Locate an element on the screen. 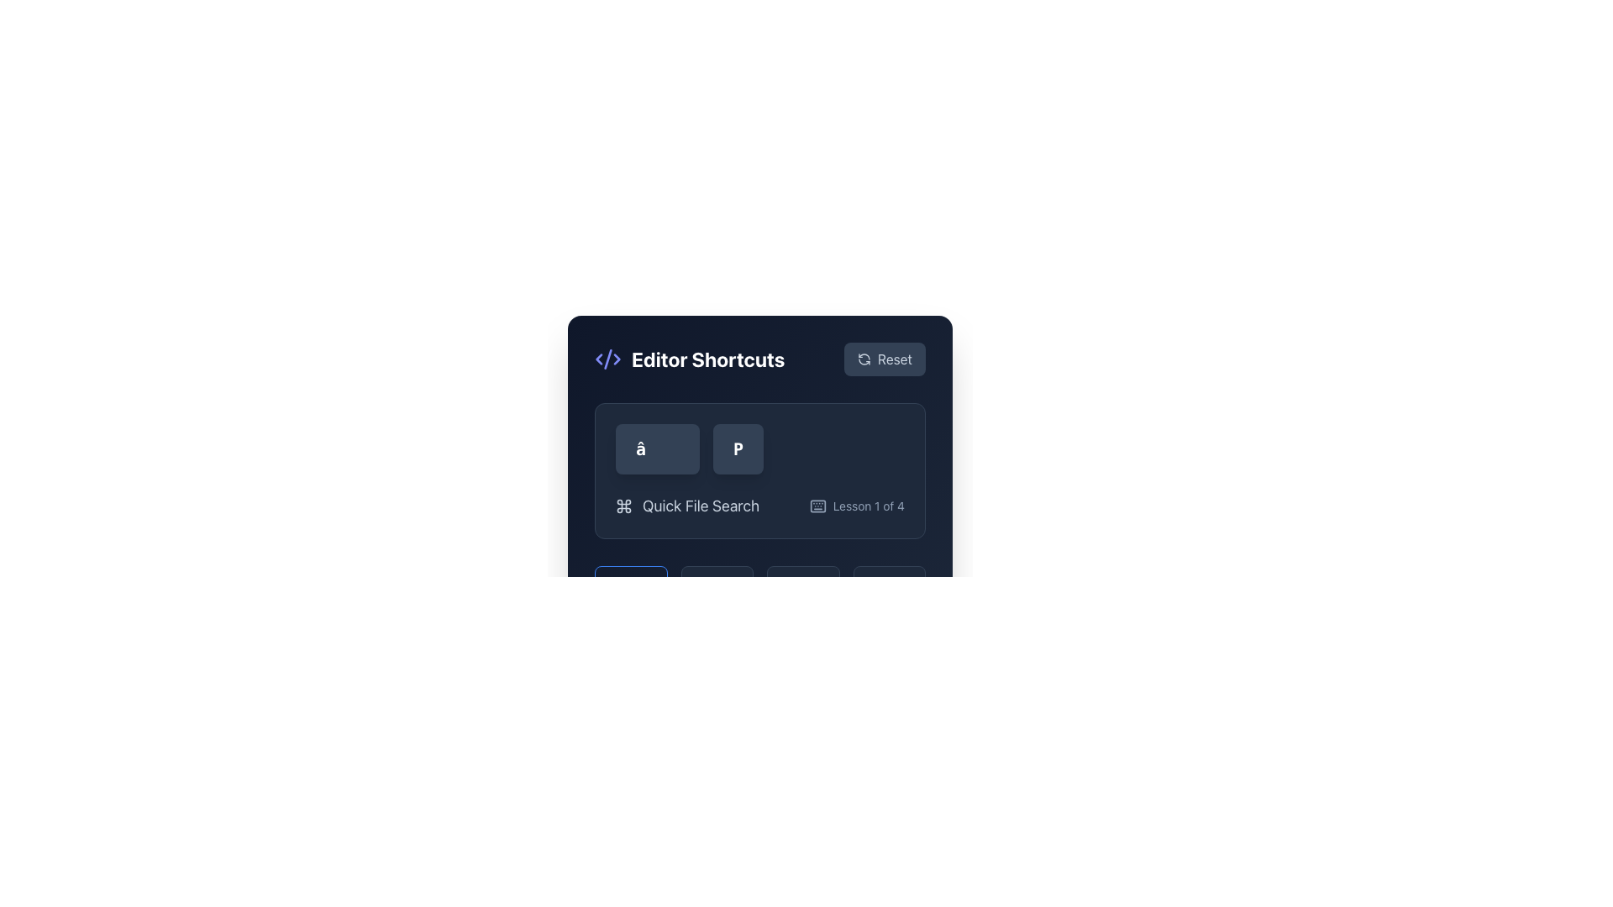 This screenshot has width=1613, height=907. the text label reading 'Lesson 1 of 4' in light gray color, located to the immediate right of a keyboard icon in the 'Editor Shortcuts' section is located at coordinates (869, 505).